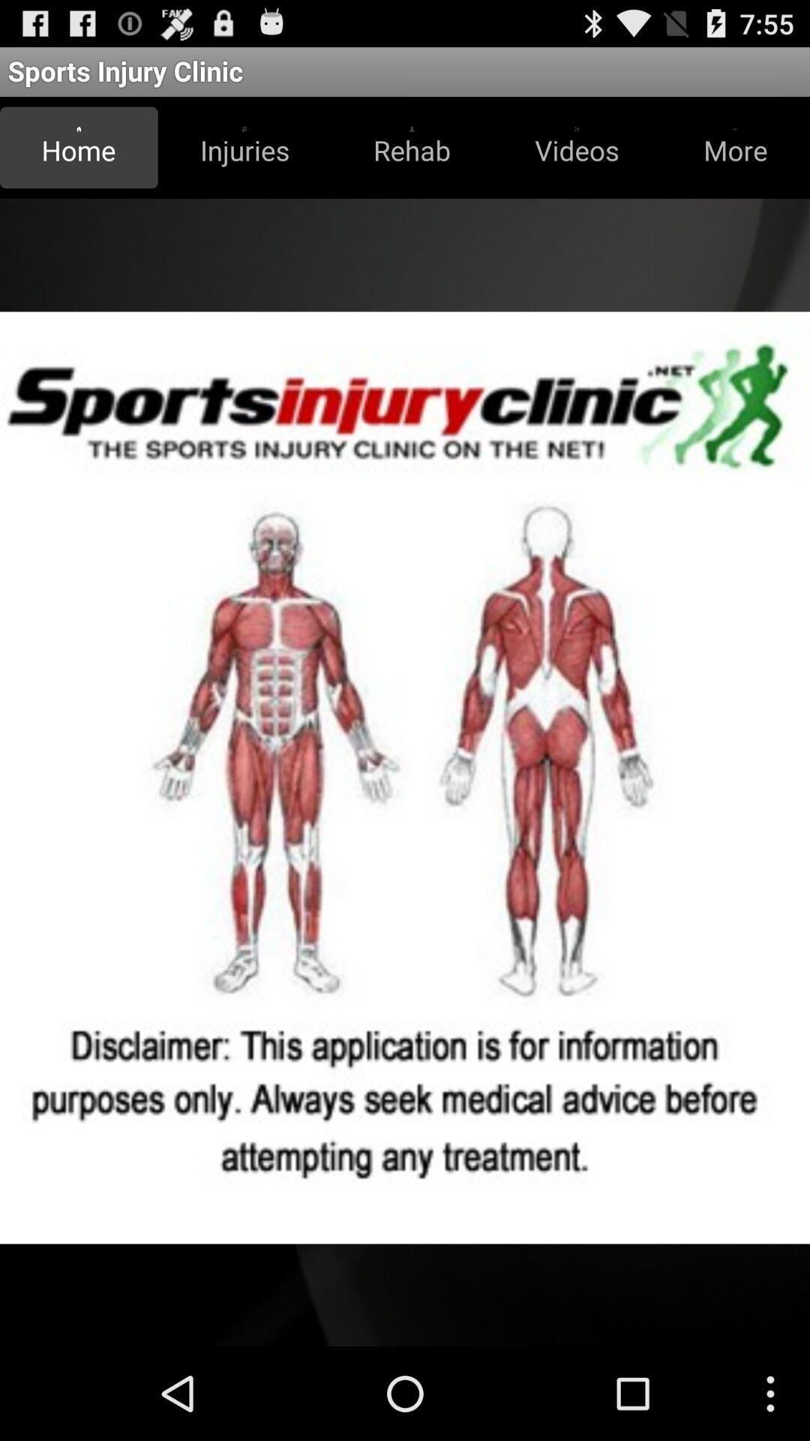 This screenshot has width=810, height=1441. What do you see at coordinates (79, 147) in the screenshot?
I see `icon next to injuries button` at bounding box center [79, 147].